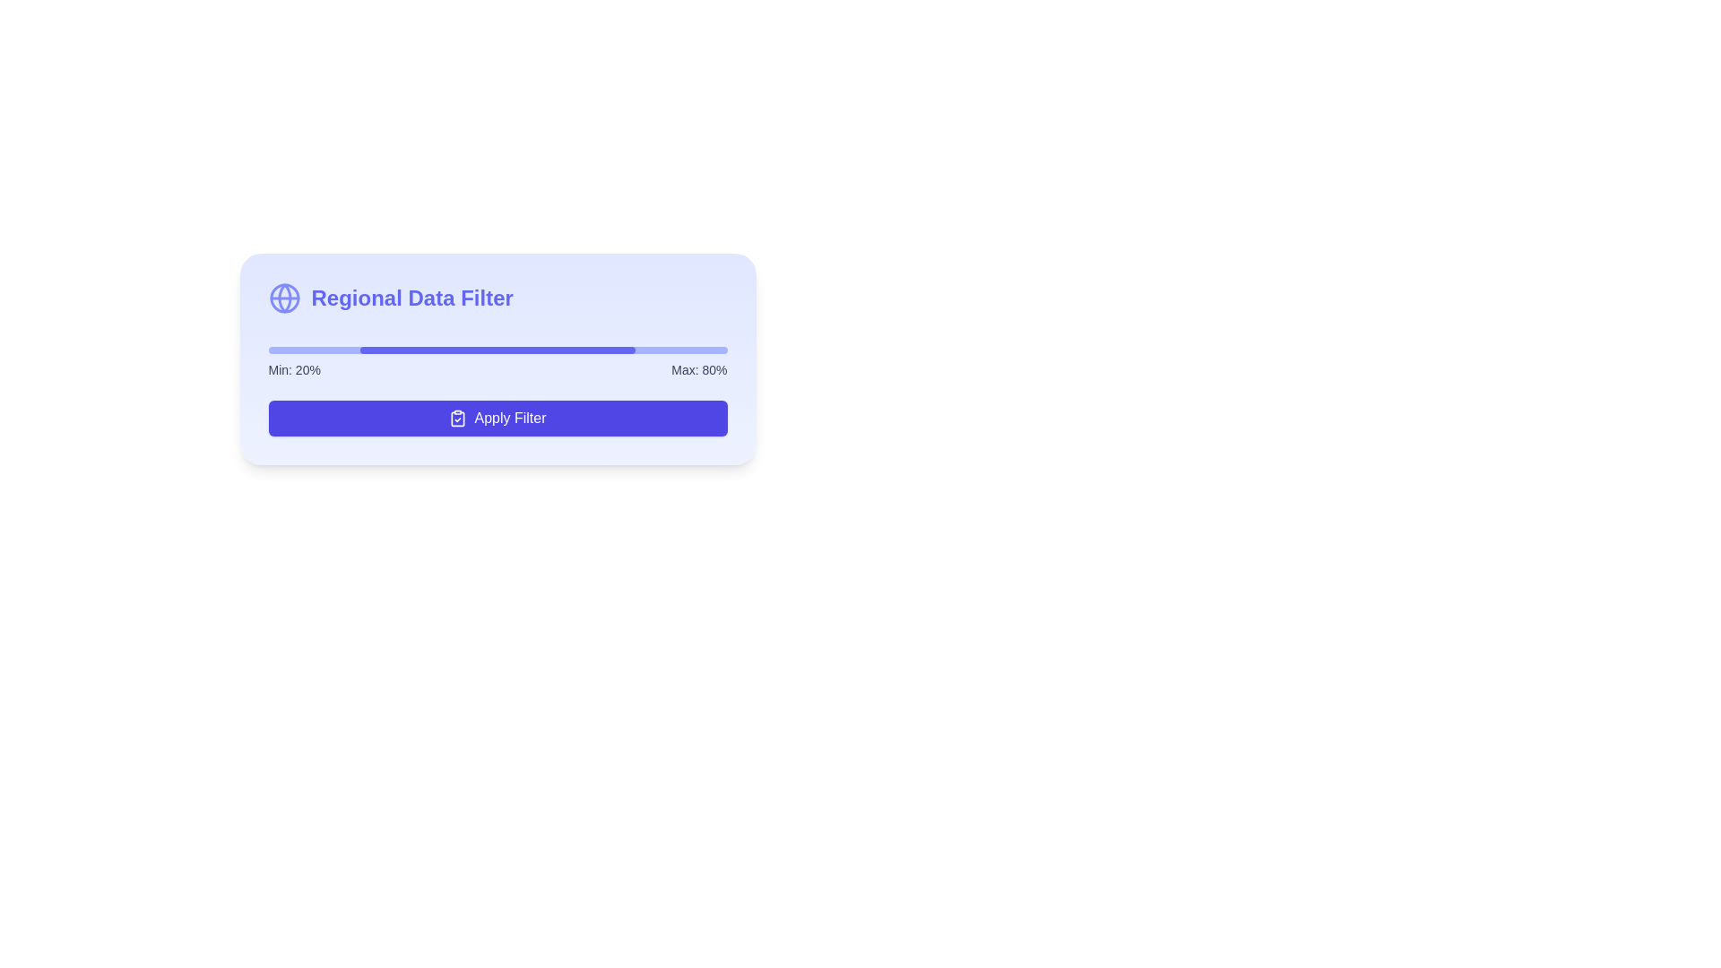  Describe the element at coordinates (497, 350) in the screenshot. I see `the progress bar with a light purple background that is located above the text 'Min: 20%' and 'Max: 80%', styled with rounded corners` at that location.